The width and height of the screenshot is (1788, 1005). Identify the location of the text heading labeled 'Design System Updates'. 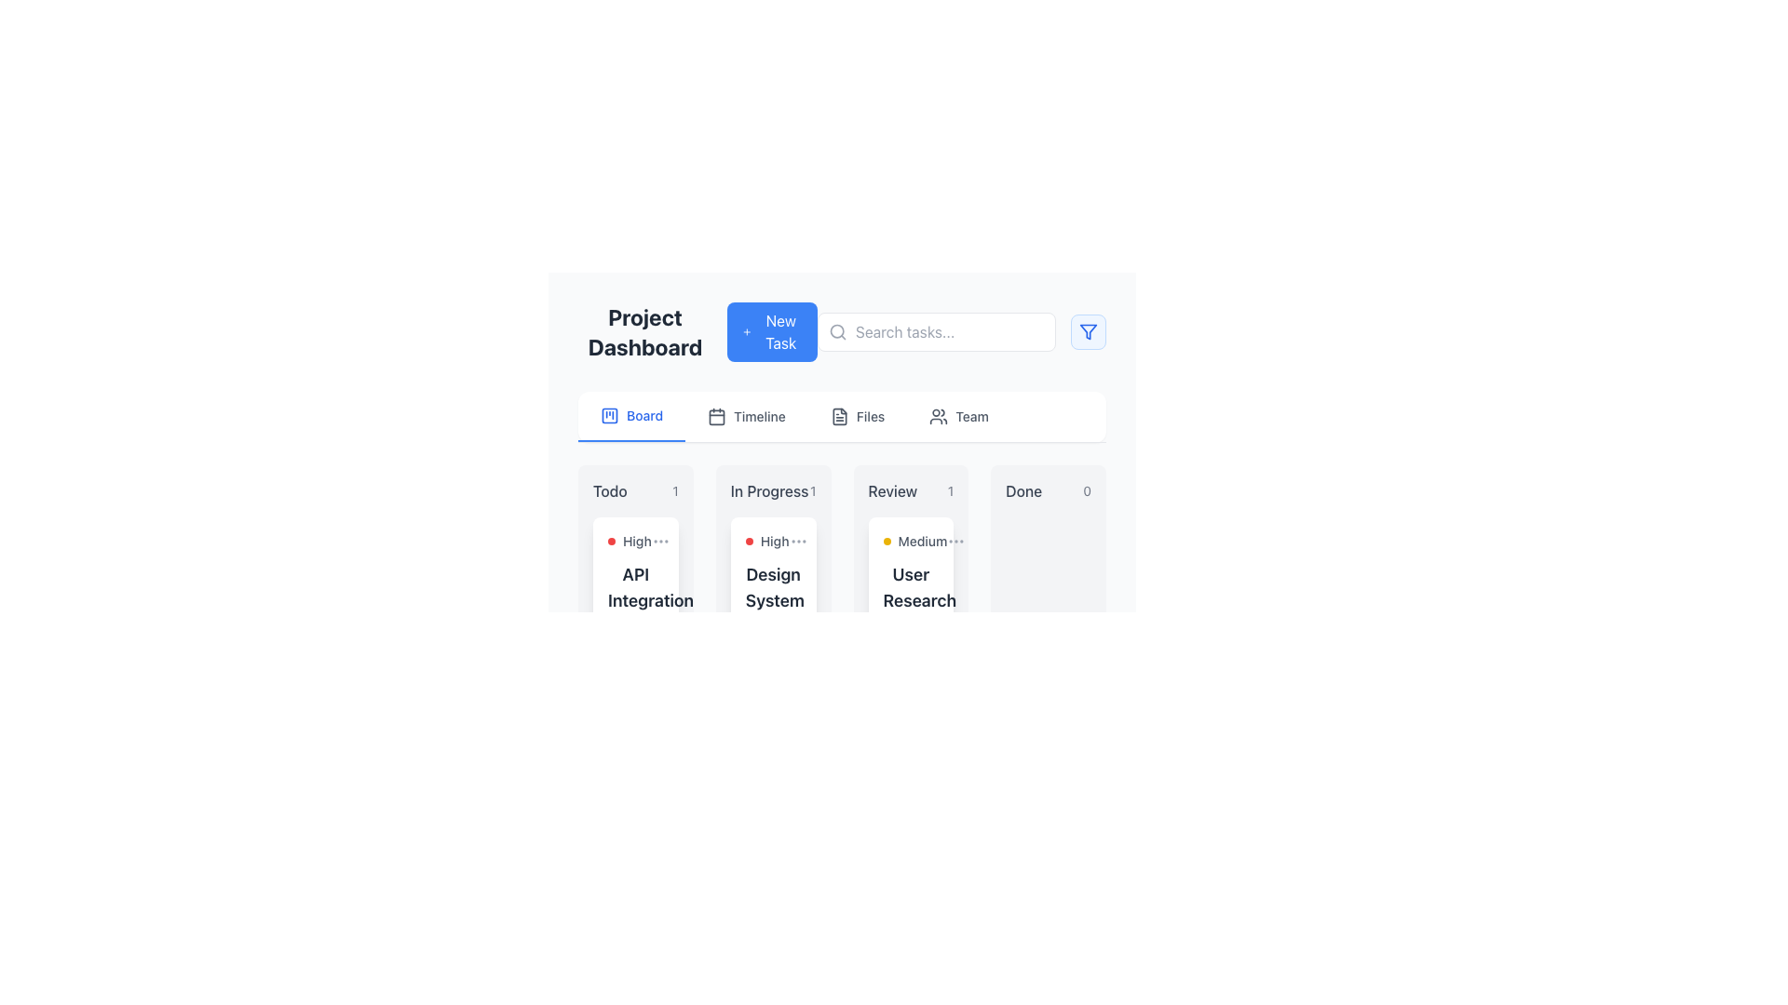
(773, 600).